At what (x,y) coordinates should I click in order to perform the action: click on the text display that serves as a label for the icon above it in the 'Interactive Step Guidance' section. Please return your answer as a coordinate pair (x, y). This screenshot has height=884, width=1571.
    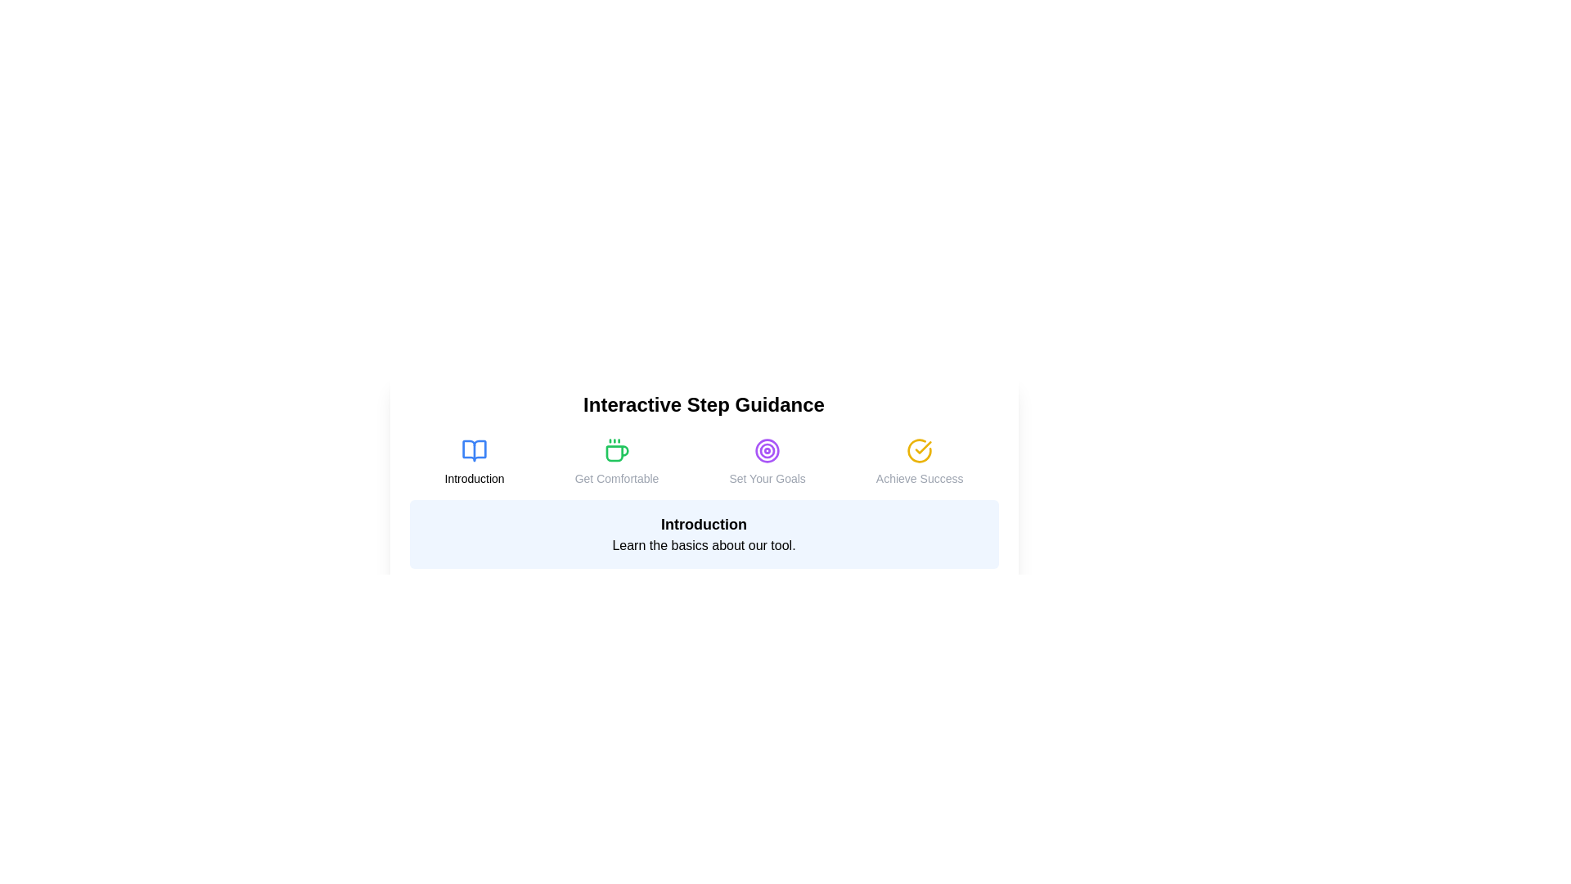
    Looking at the image, I should click on (920, 479).